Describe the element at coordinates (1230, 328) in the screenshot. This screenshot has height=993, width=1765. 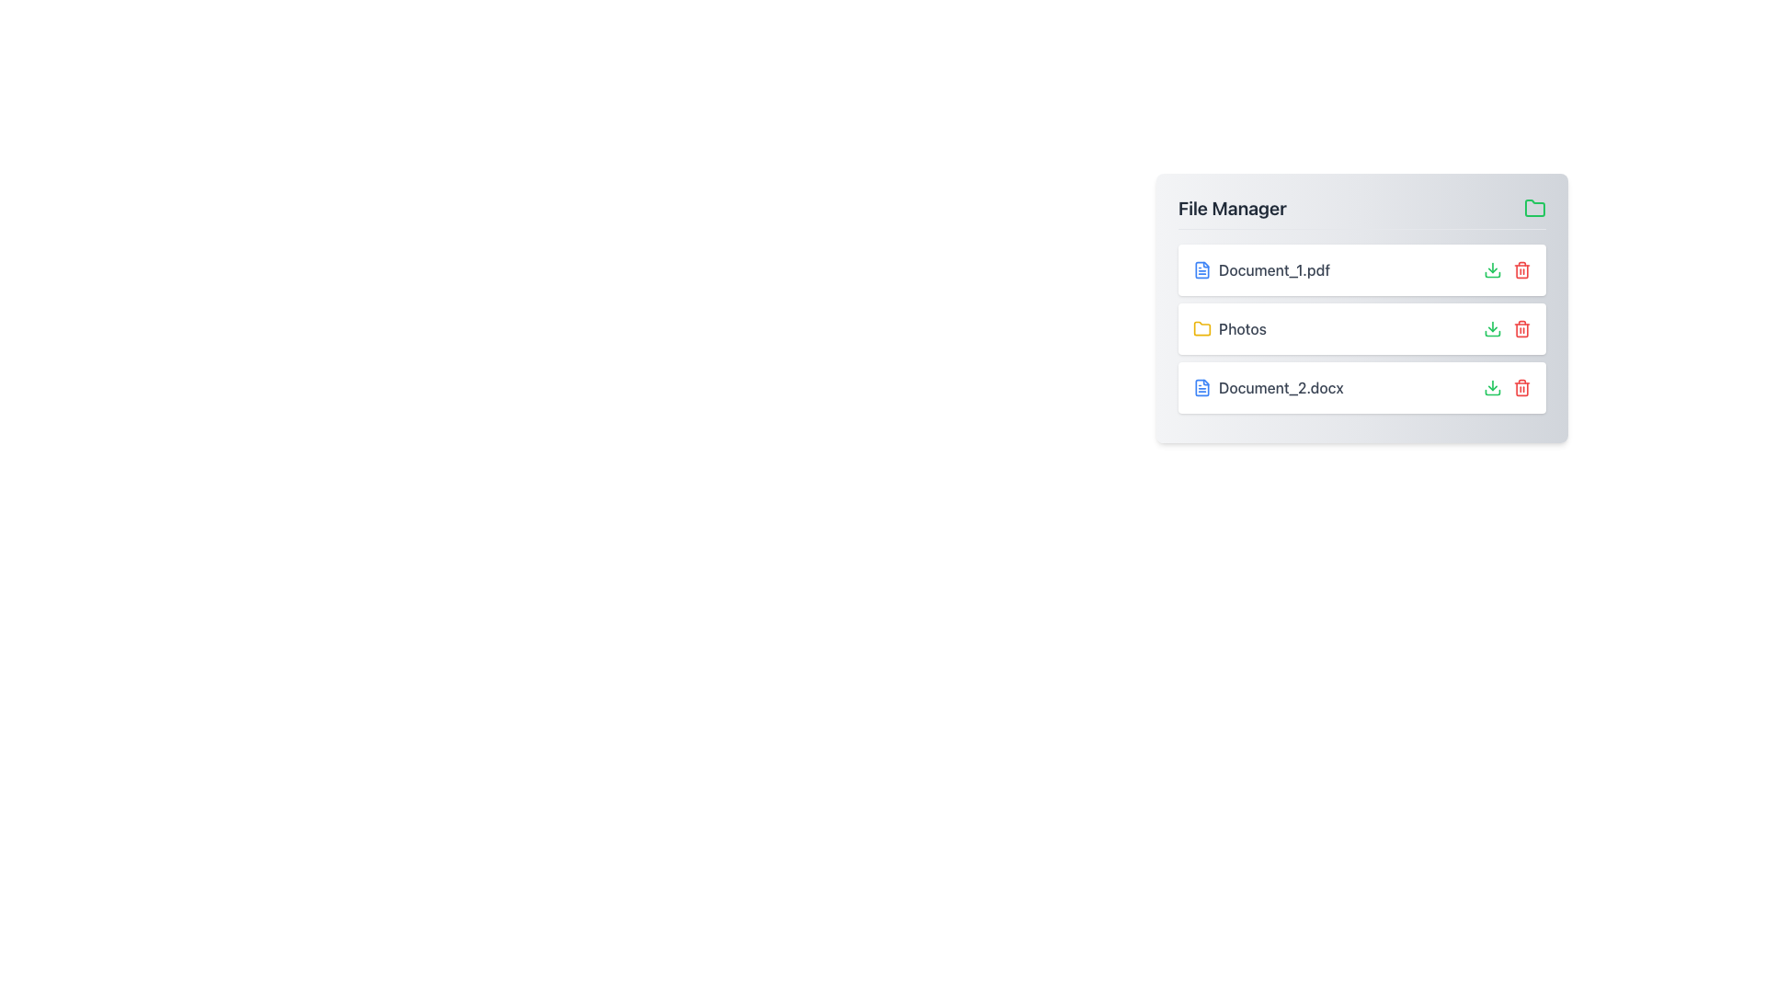
I see `the 'Photos' folder icon` at that location.